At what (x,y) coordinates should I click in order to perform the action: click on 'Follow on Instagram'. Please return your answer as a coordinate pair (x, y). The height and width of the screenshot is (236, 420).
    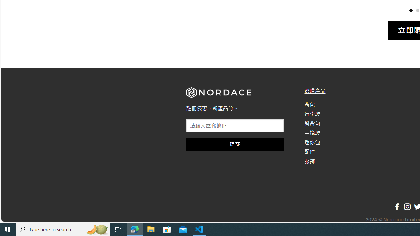
    Looking at the image, I should click on (407, 207).